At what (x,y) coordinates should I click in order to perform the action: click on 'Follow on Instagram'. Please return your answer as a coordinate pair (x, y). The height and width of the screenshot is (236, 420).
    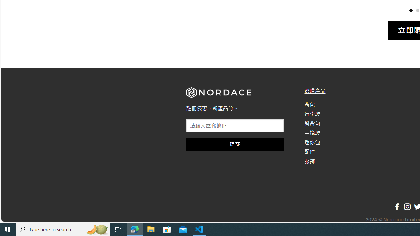
    Looking at the image, I should click on (407, 207).